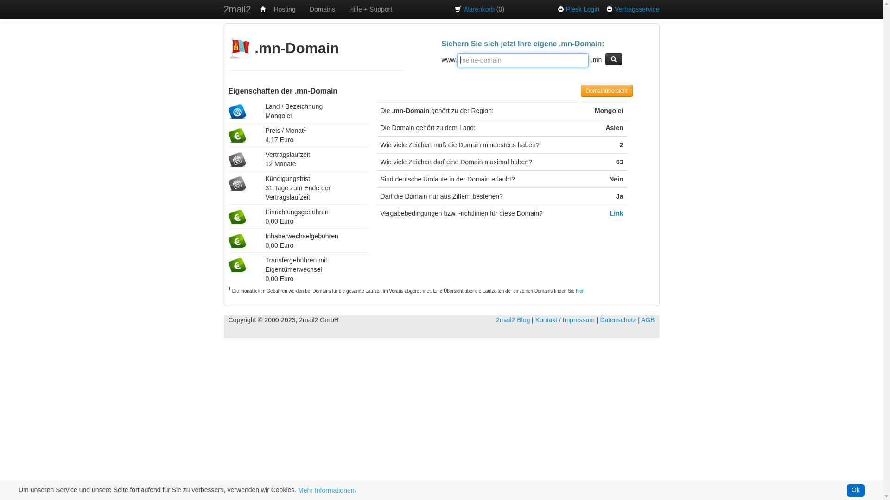 Image resolution: width=890 pixels, height=500 pixels. I want to click on 'Datenschutz', so click(618, 319).